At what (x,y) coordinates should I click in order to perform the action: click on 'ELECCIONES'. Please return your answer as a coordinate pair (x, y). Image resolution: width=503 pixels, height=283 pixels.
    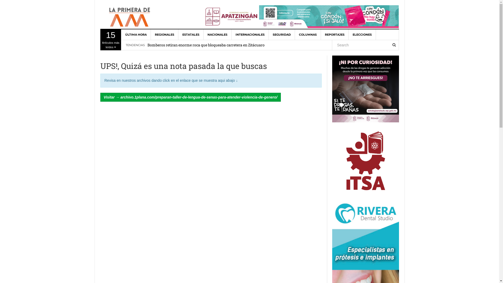
    Looking at the image, I should click on (362, 34).